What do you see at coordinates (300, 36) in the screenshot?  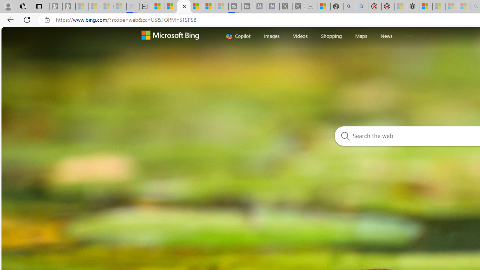 I see `'Videos'` at bounding box center [300, 36].